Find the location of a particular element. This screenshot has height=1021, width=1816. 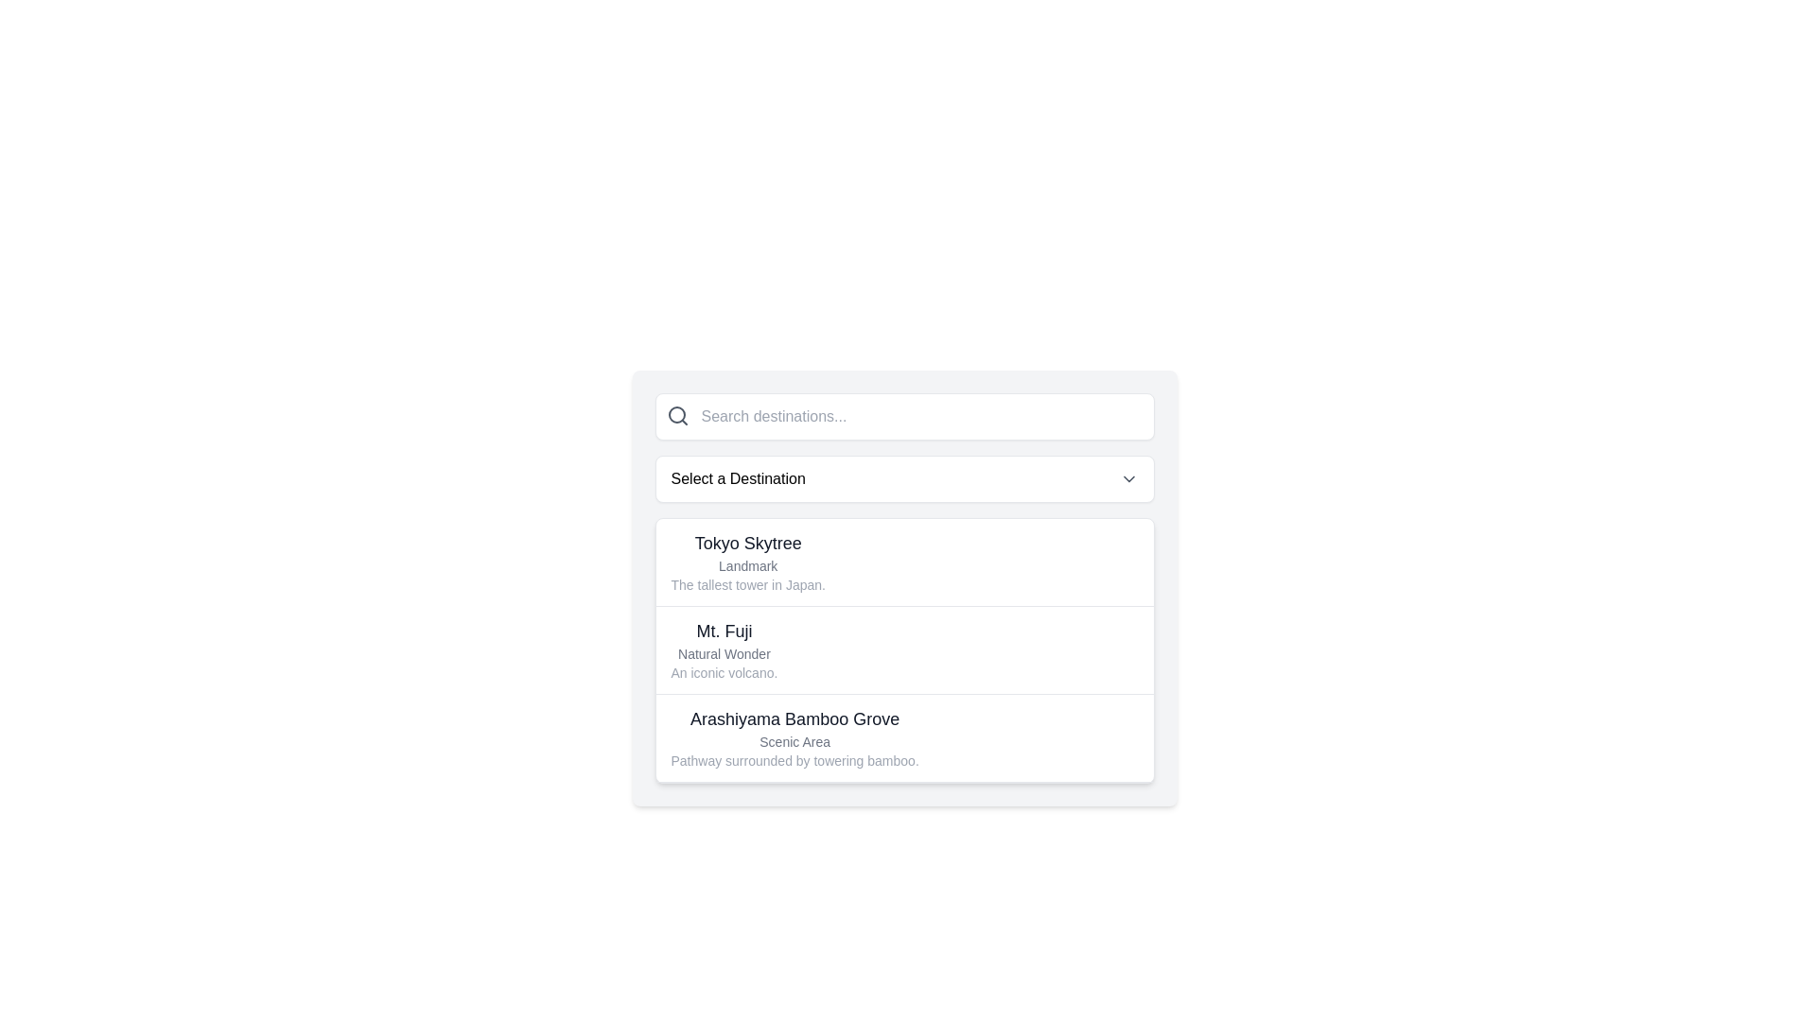

to select the destination 'Arashiyama Bamboo Grove' from the dropdown list, which is the third option after 'Tokyo Skytree' and 'Mt. Fuji' is located at coordinates (794, 736).